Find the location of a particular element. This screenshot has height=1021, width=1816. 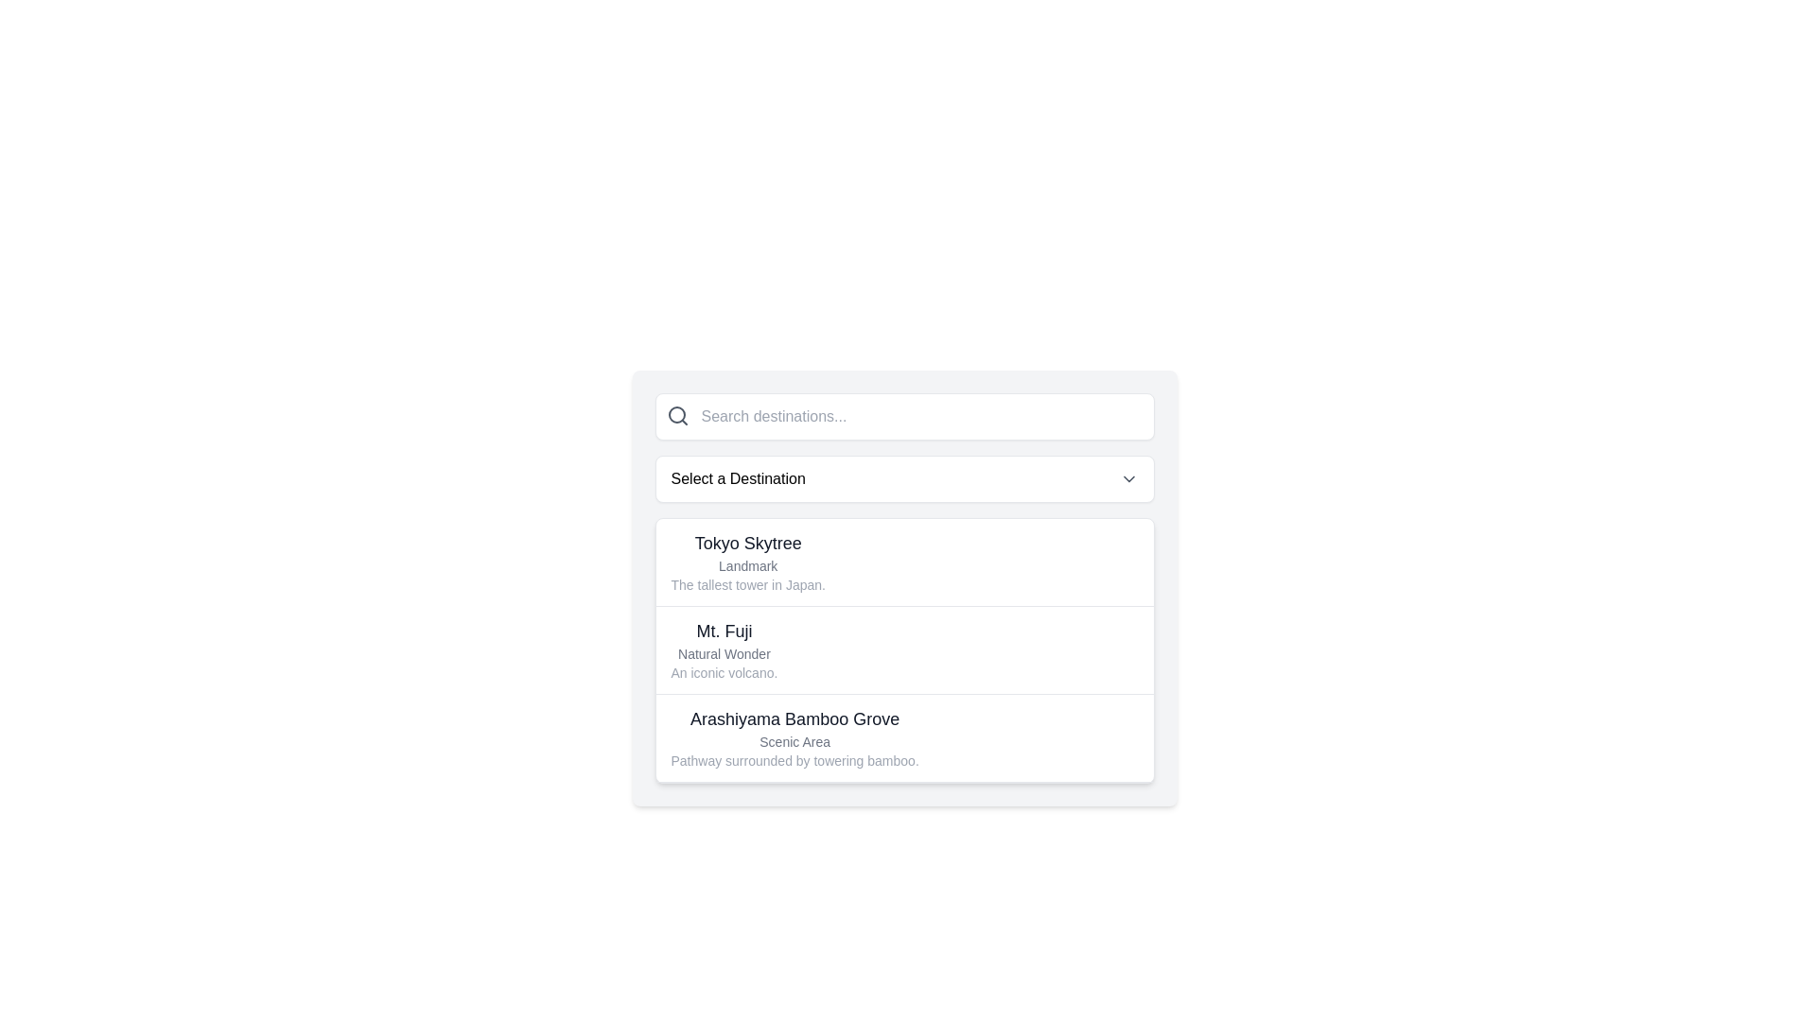

to select the destination 'Arashiyama Bamboo Grove' from the dropdown list, which is the third option after 'Tokyo Skytree' and 'Mt. Fuji' is located at coordinates (794, 736).